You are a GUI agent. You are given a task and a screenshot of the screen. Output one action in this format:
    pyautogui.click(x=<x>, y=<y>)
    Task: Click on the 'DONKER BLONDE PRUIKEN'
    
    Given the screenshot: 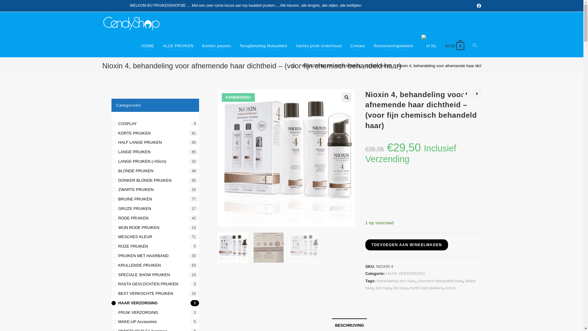 What is the action you would take?
    pyautogui.click(x=111, y=180)
    